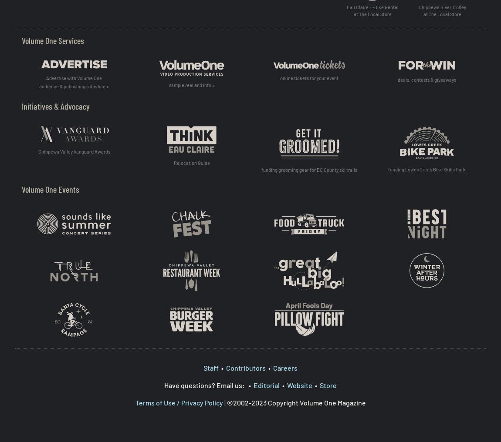  Describe the element at coordinates (295, 402) in the screenshot. I see `'©2002-2023 Copyright Volume One Magazine'` at that location.